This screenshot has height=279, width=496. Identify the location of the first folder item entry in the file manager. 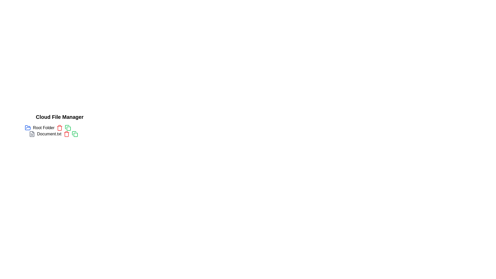
(62, 128).